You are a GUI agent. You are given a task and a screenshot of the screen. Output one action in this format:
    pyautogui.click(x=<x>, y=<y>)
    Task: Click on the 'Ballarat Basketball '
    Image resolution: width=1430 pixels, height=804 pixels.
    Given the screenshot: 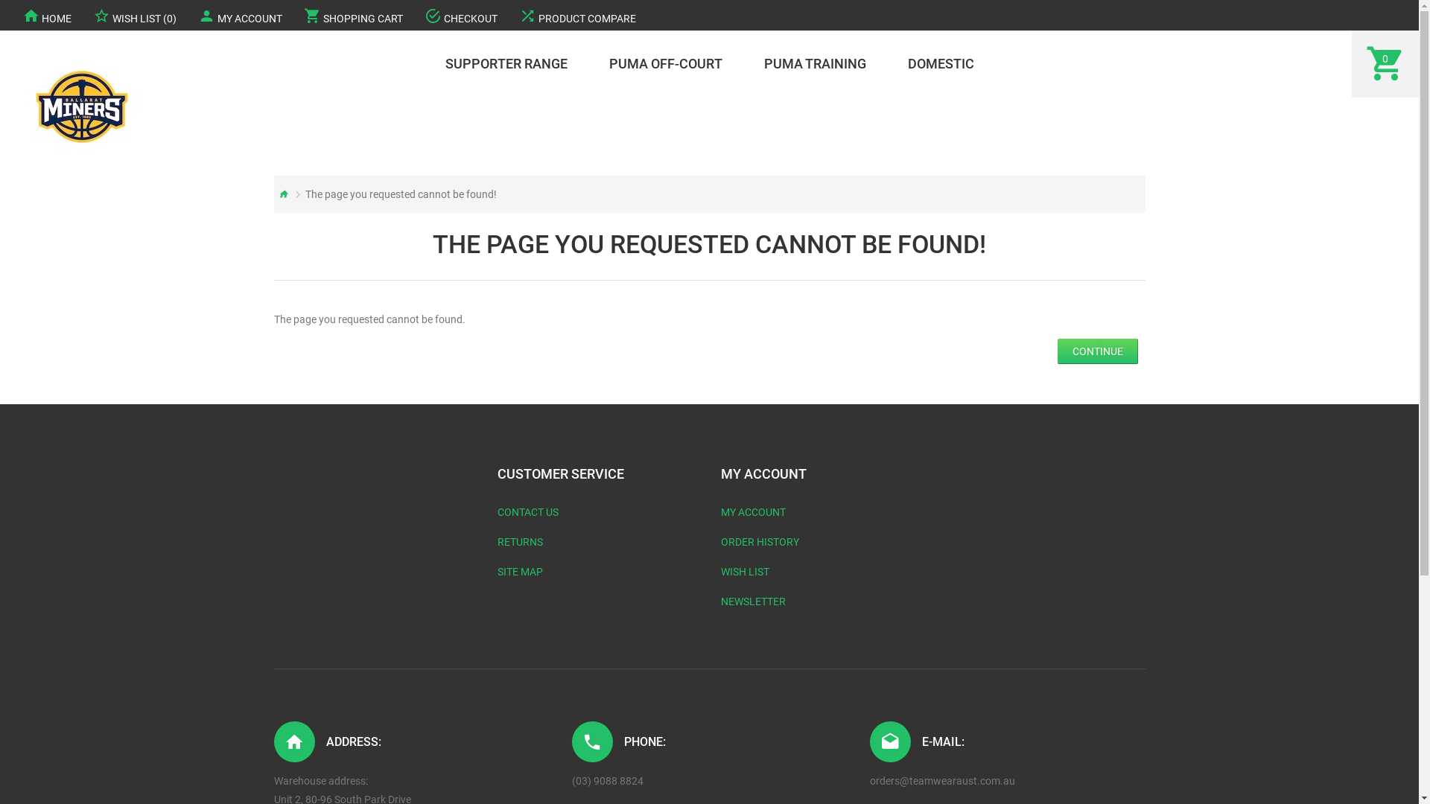 What is the action you would take?
    pyautogui.click(x=81, y=106)
    